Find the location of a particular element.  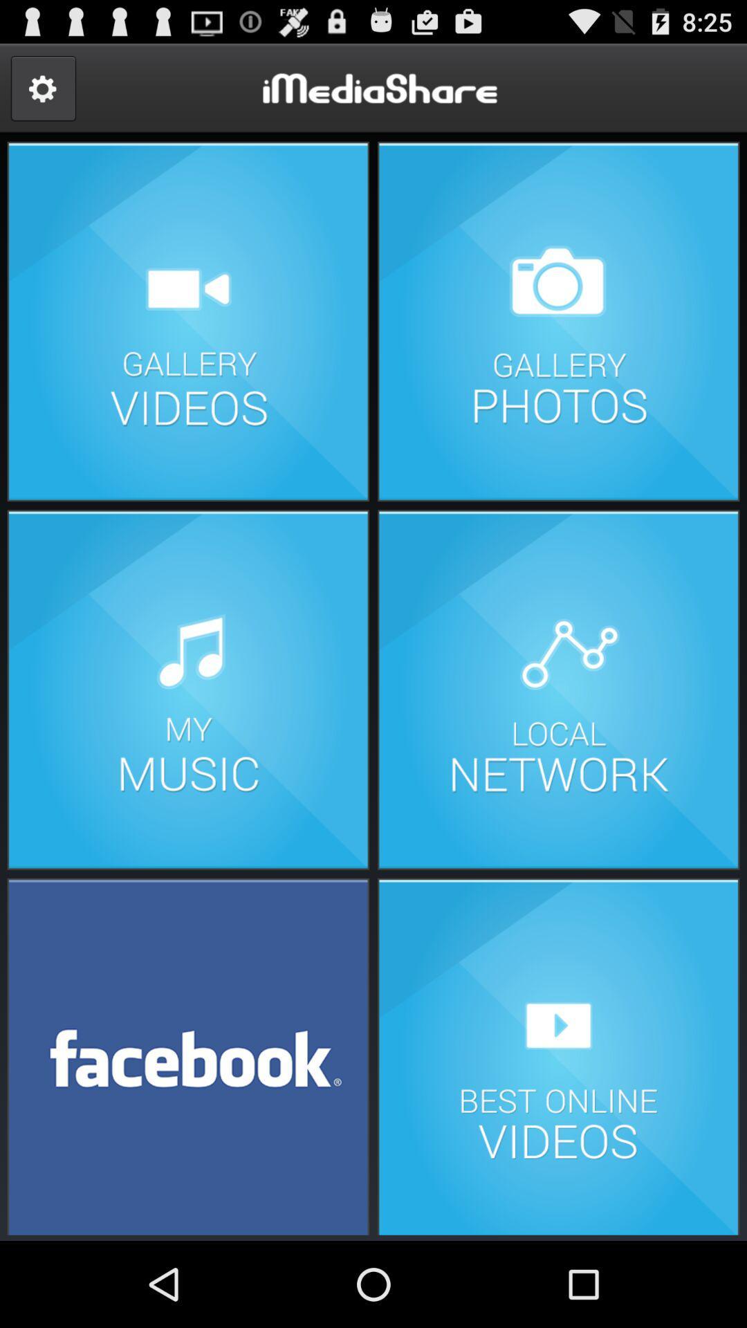

see best videos is located at coordinates (557, 1055).